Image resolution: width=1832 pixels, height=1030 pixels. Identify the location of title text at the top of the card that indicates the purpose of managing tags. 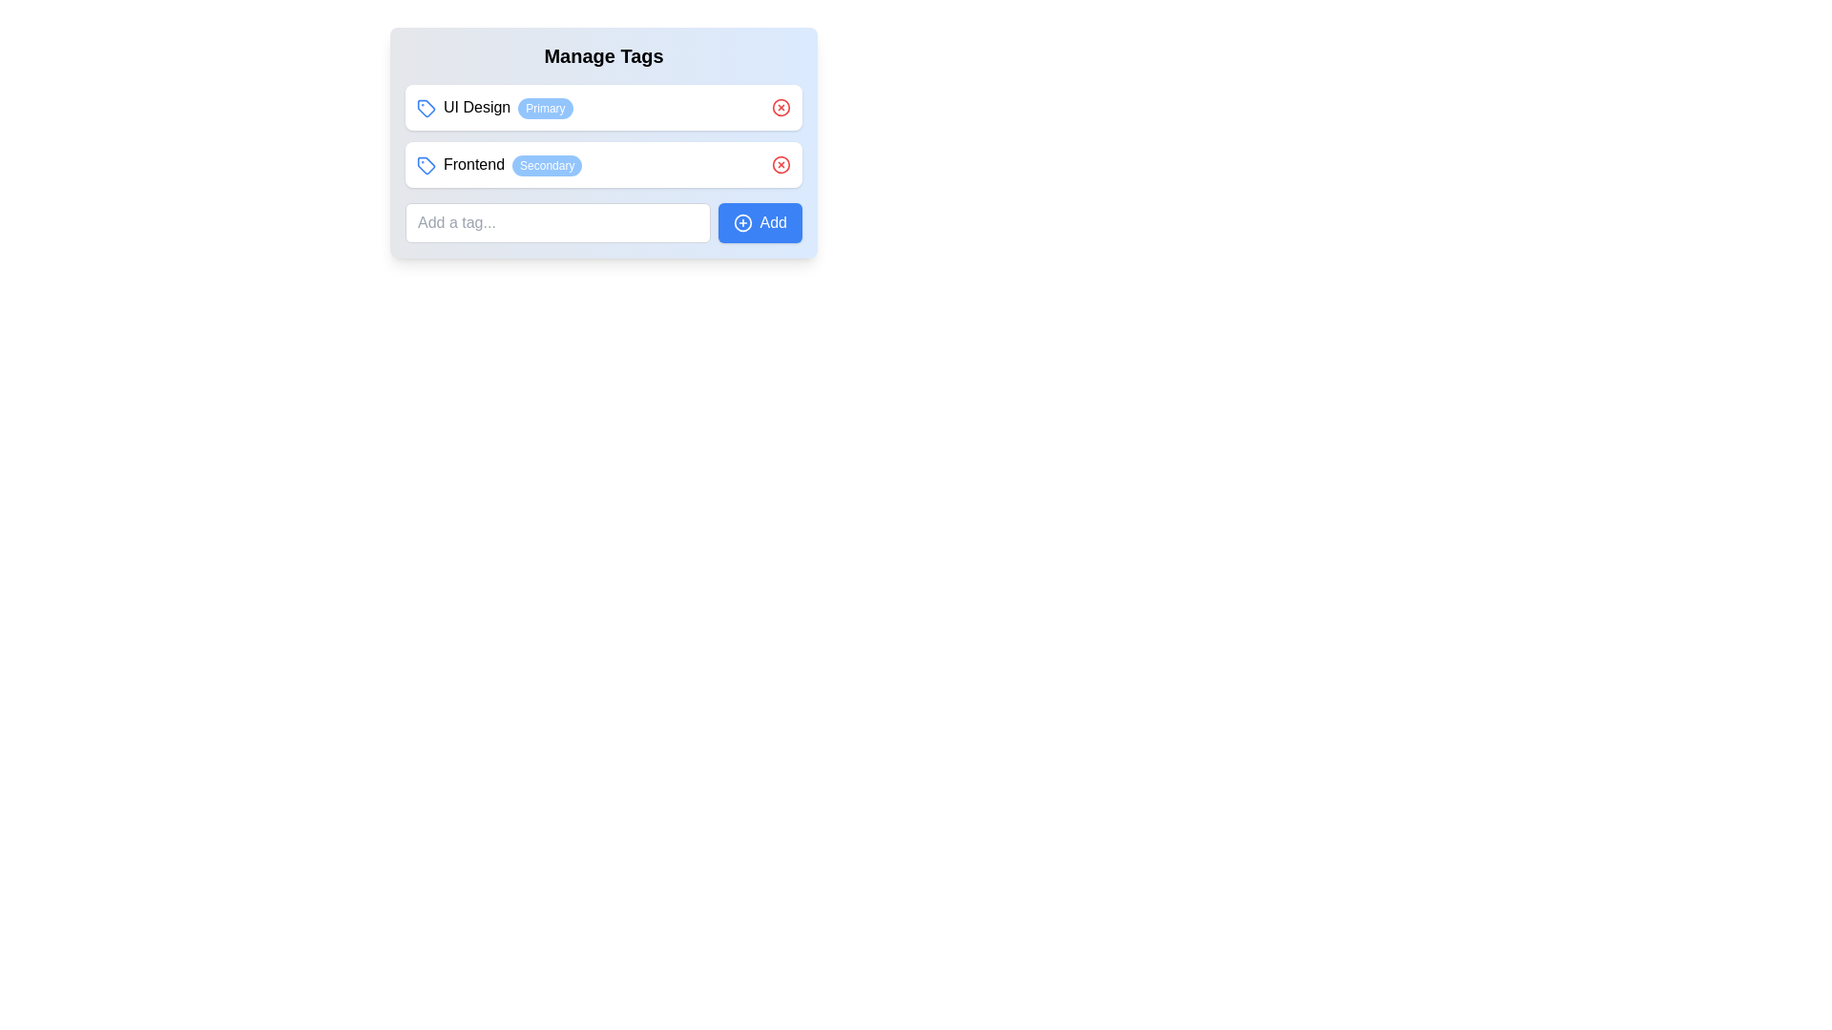
(603, 54).